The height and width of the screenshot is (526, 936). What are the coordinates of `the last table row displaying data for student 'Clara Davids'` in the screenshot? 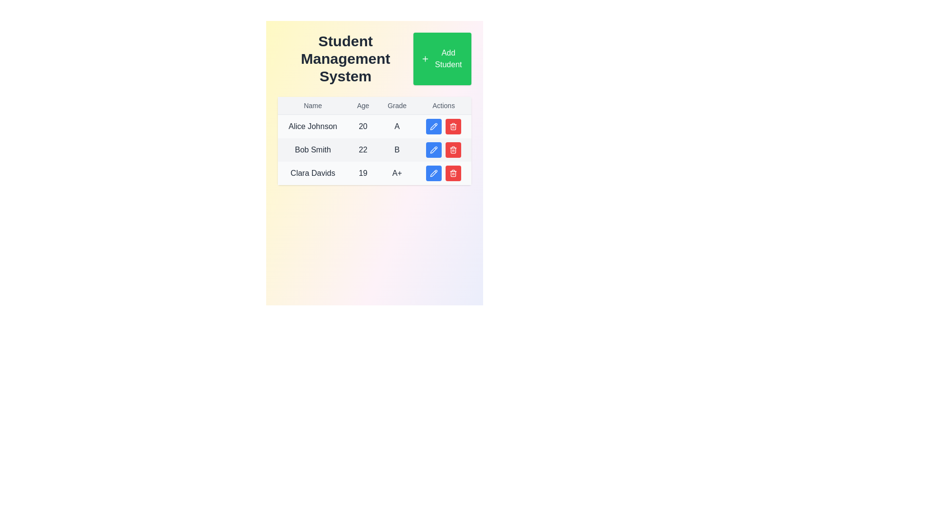 It's located at (374, 172).